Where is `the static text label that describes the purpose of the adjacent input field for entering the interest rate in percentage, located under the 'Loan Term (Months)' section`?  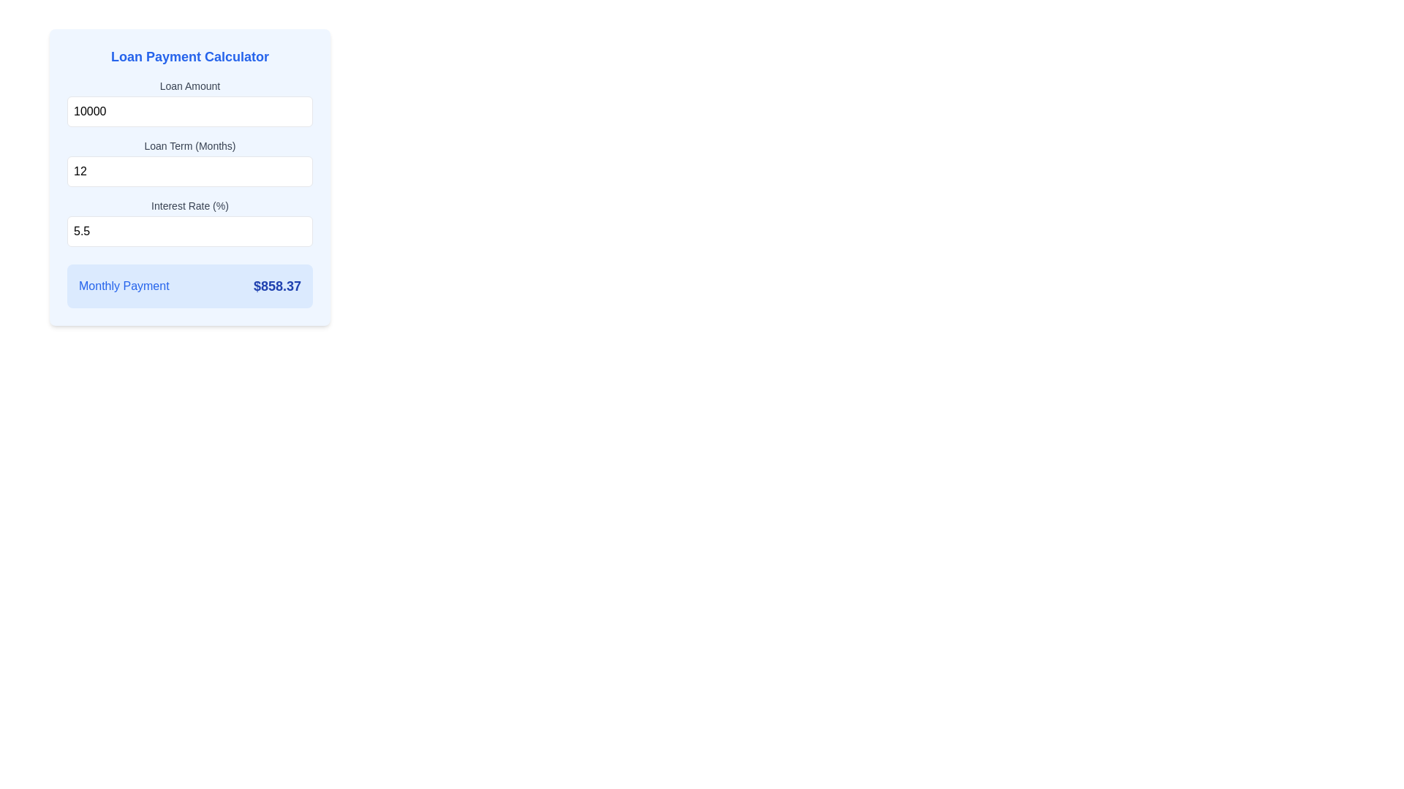
the static text label that describes the purpose of the adjacent input field for entering the interest rate in percentage, located under the 'Loan Term (Months)' section is located at coordinates (189, 205).